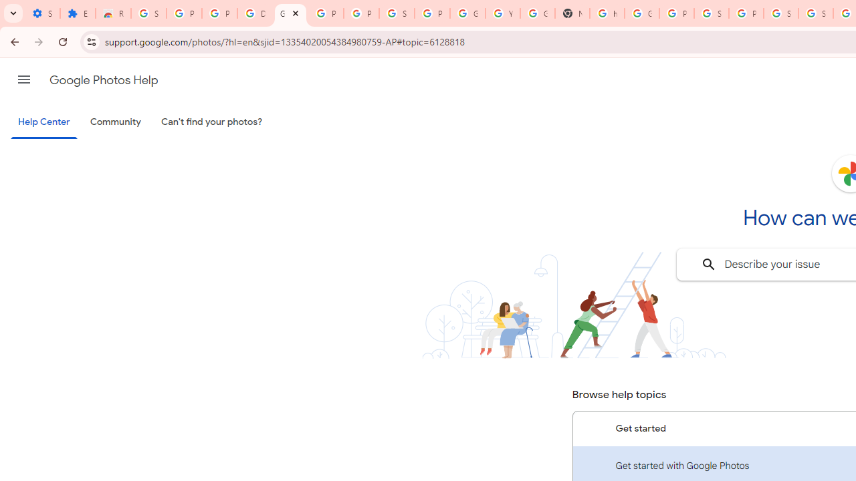 The height and width of the screenshot is (481, 856). What do you see at coordinates (572, 13) in the screenshot?
I see `'New Tab'` at bounding box center [572, 13].